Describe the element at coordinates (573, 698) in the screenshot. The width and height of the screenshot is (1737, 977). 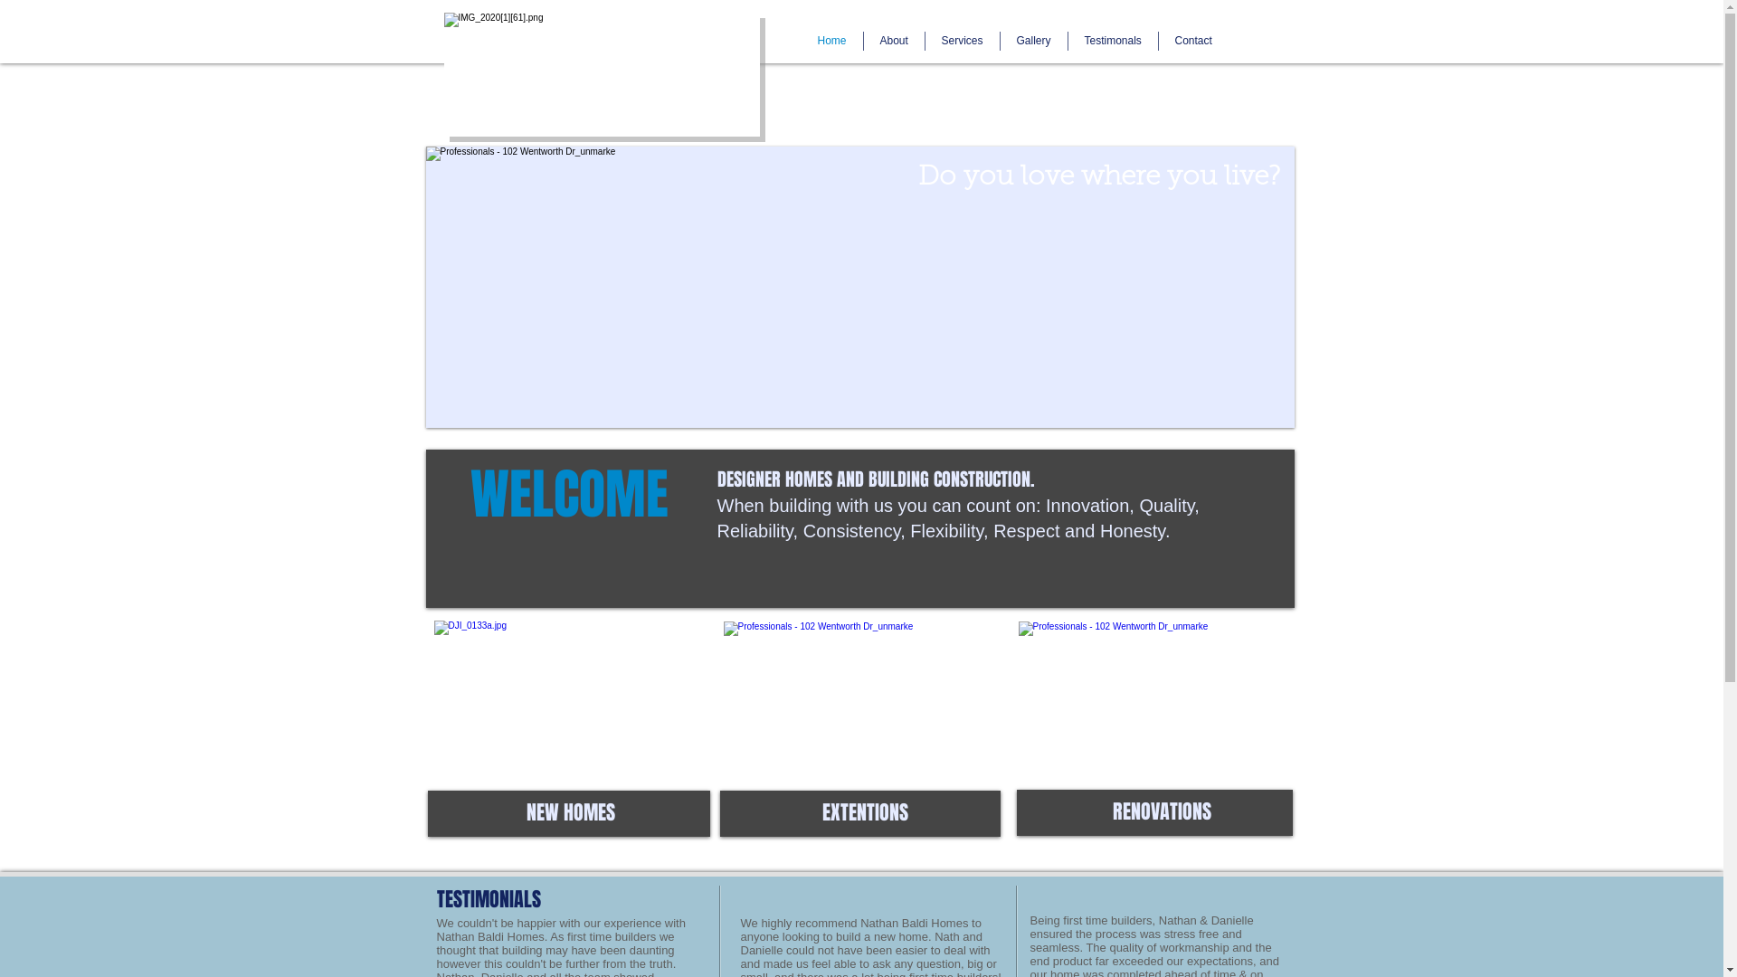
I see `'main.jpg'` at that location.